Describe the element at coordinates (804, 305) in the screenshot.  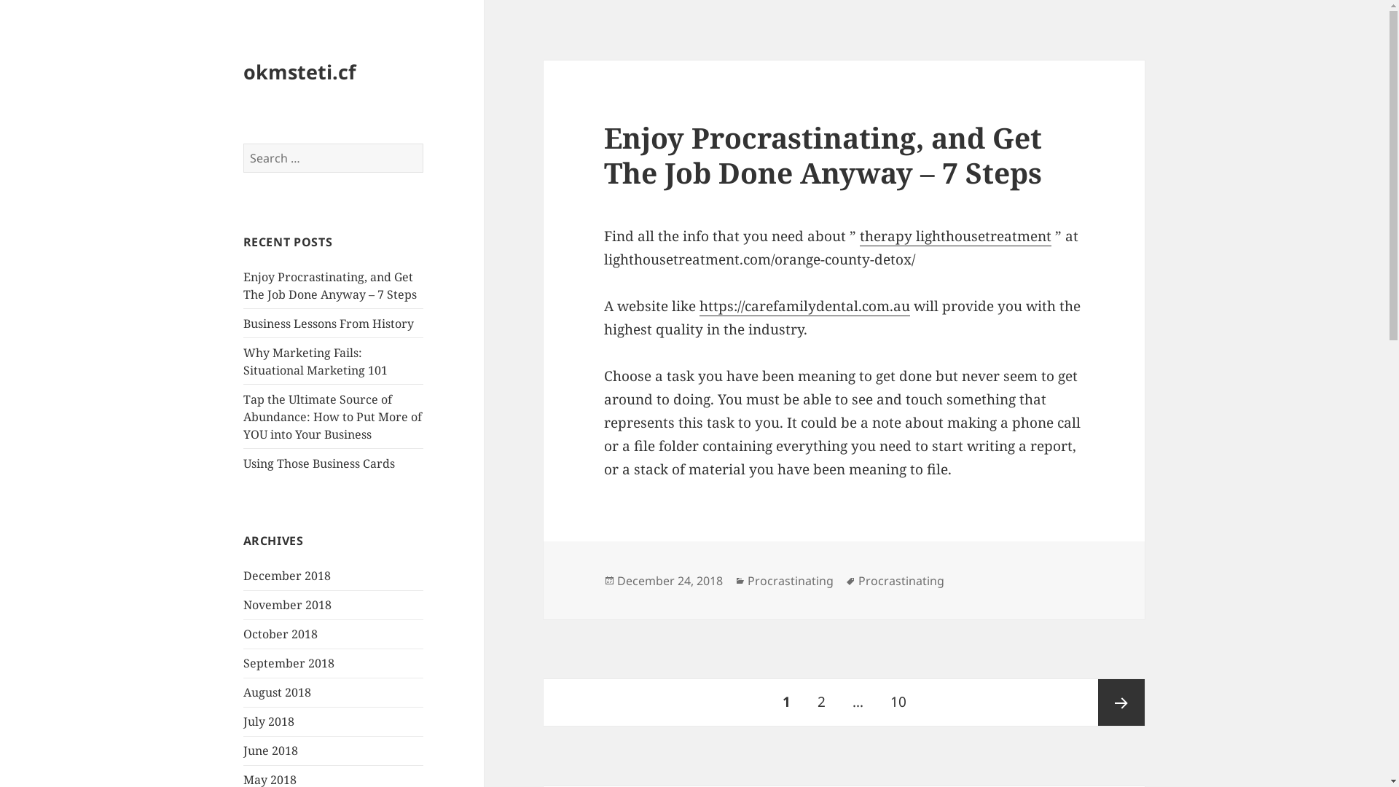
I see `'https://carefamilydental.com.au'` at that location.